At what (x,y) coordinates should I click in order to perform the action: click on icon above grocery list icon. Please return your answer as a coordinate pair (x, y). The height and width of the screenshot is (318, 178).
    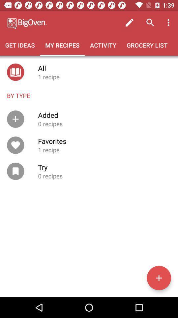
    Looking at the image, I should click on (130, 23).